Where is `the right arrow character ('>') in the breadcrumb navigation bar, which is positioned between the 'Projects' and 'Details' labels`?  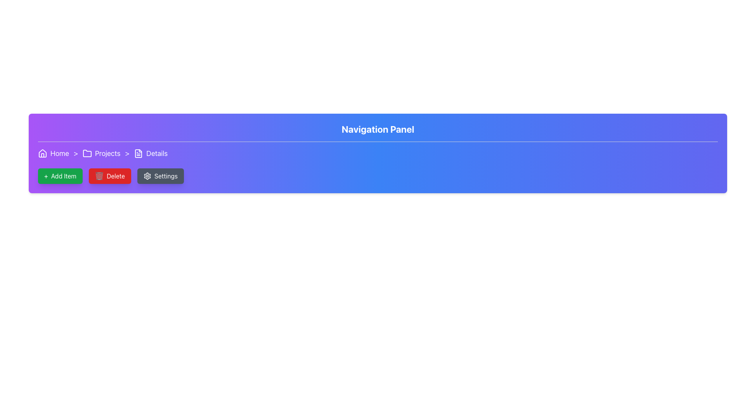 the right arrow character ('>') in the breadcrumb navigation bar, which is positioned between the 'Projects' and 'Details' labels is located at coordinates (127, 154).